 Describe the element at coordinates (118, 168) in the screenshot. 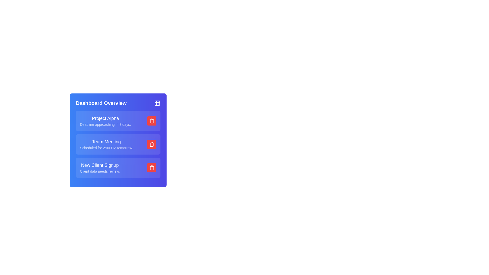

I see `text content of the third card in the vertical list that provides information about a new client signup and associated task of reviewing client data` at that location.